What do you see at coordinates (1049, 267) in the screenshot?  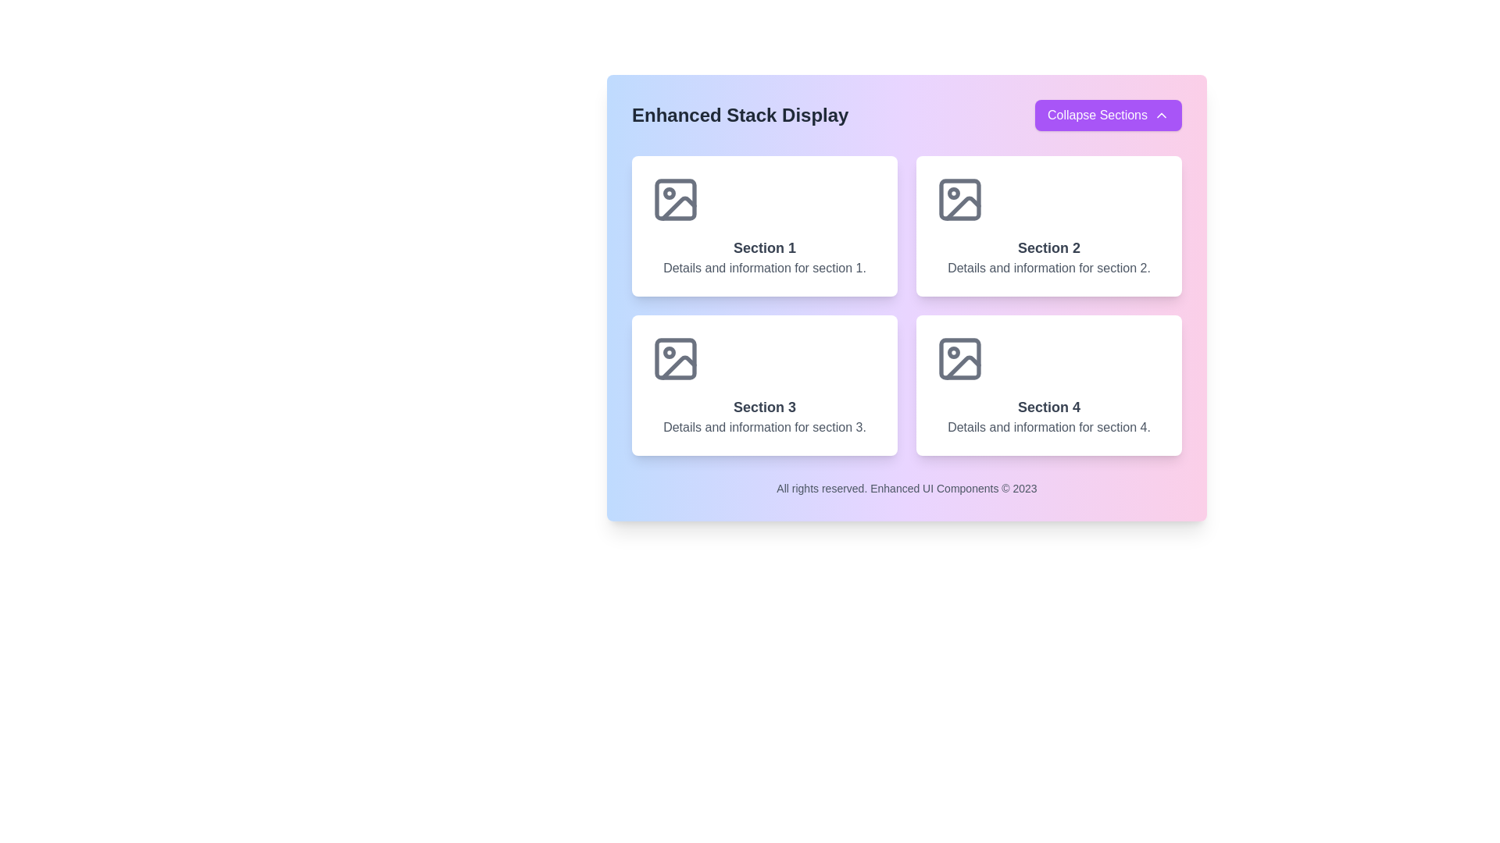 I see `the static text display that shows 'Details and information for section 2.' located in the second card from the left in the top row of the grid layout` at bounding box center [1049, 267].